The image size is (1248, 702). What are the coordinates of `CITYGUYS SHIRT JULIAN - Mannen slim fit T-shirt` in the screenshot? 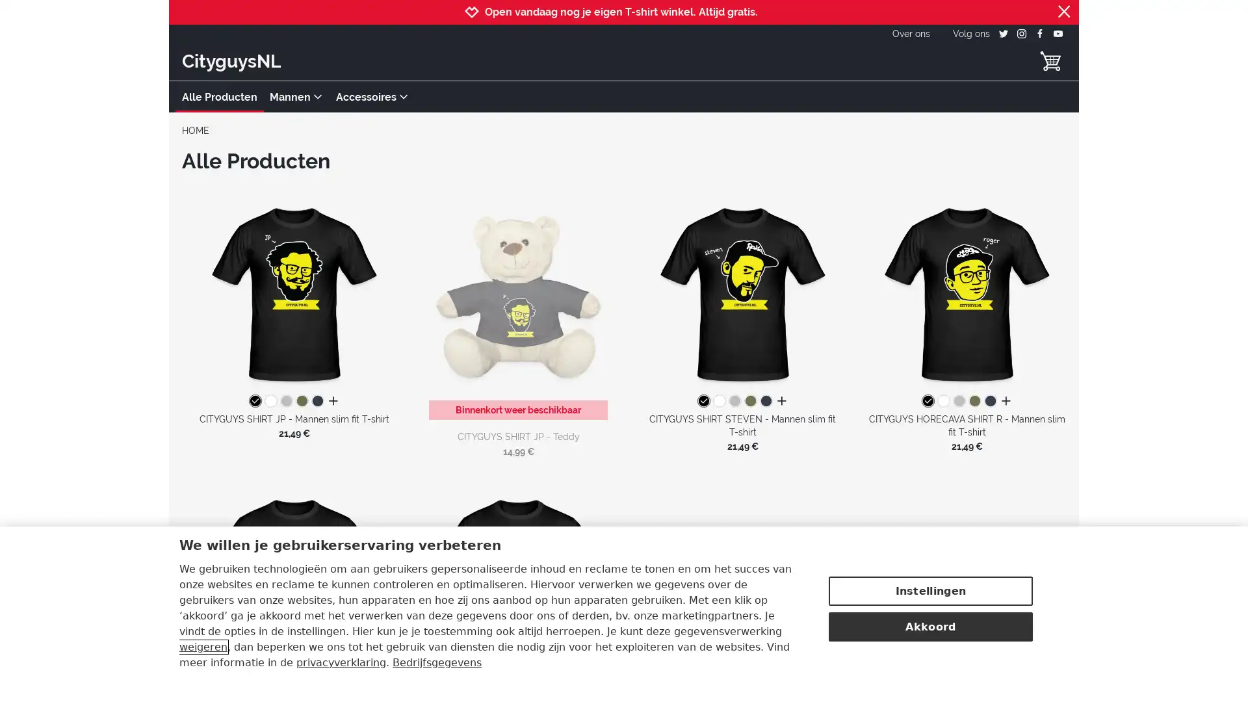 It's located at (293, 584).